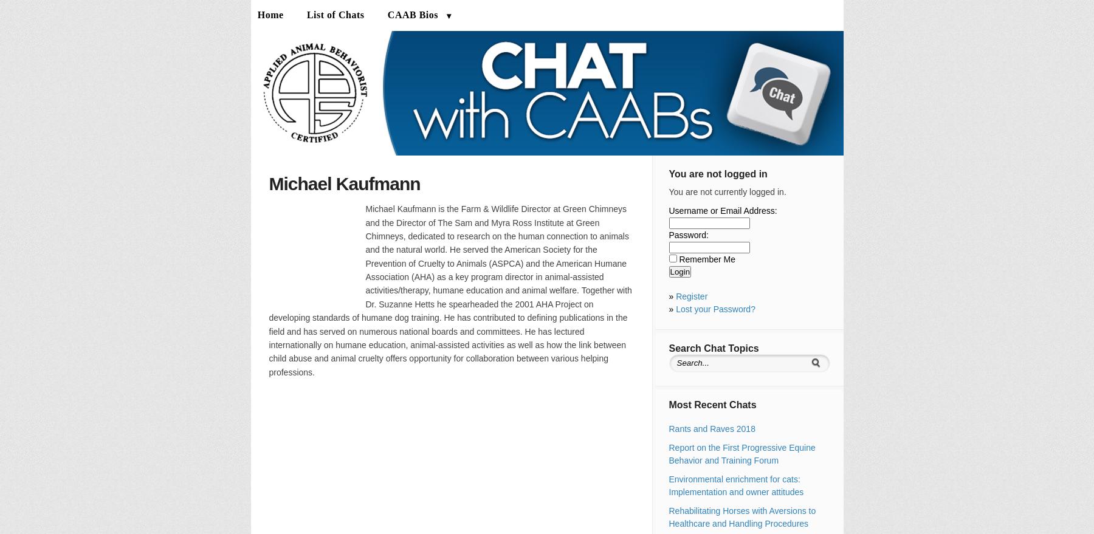  I want to click on 'Username or Email Address:', so click(722, 210).